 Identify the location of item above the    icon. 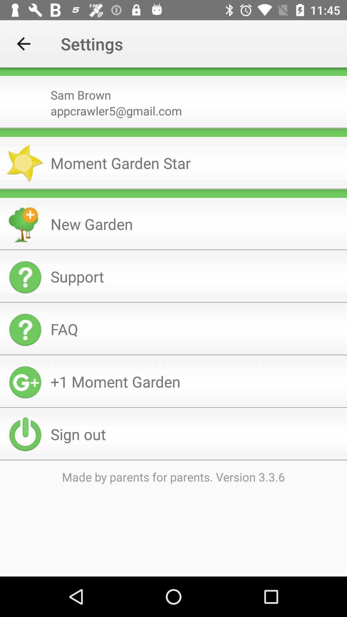
(173, 128).